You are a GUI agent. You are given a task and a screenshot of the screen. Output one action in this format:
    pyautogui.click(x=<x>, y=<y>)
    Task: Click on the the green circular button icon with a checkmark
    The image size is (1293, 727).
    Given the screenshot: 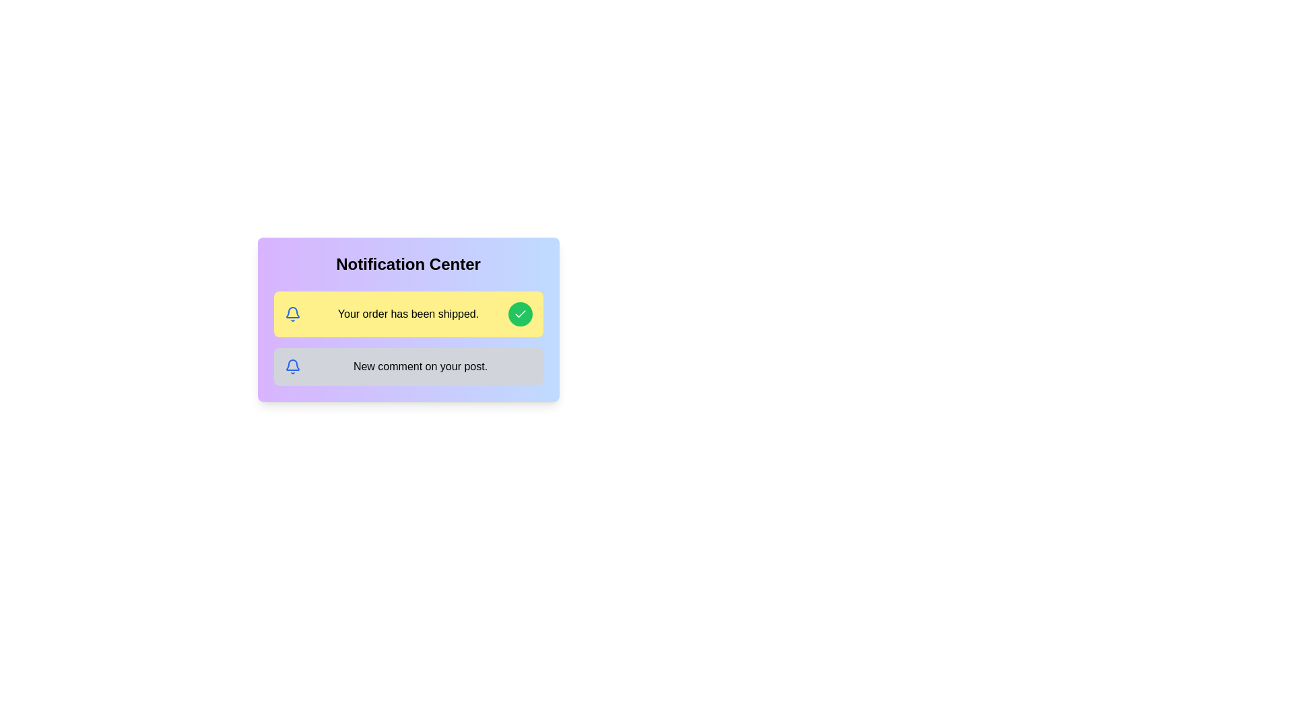 What is the action you would take?
    pyautogui.click(x=519, y=314)
    